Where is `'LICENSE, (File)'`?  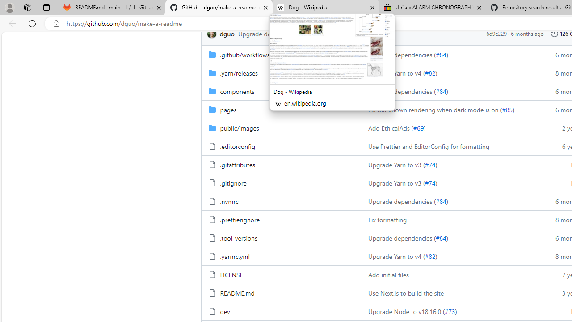
'LICENSE, (File)' is located at coordinates (231, 274).